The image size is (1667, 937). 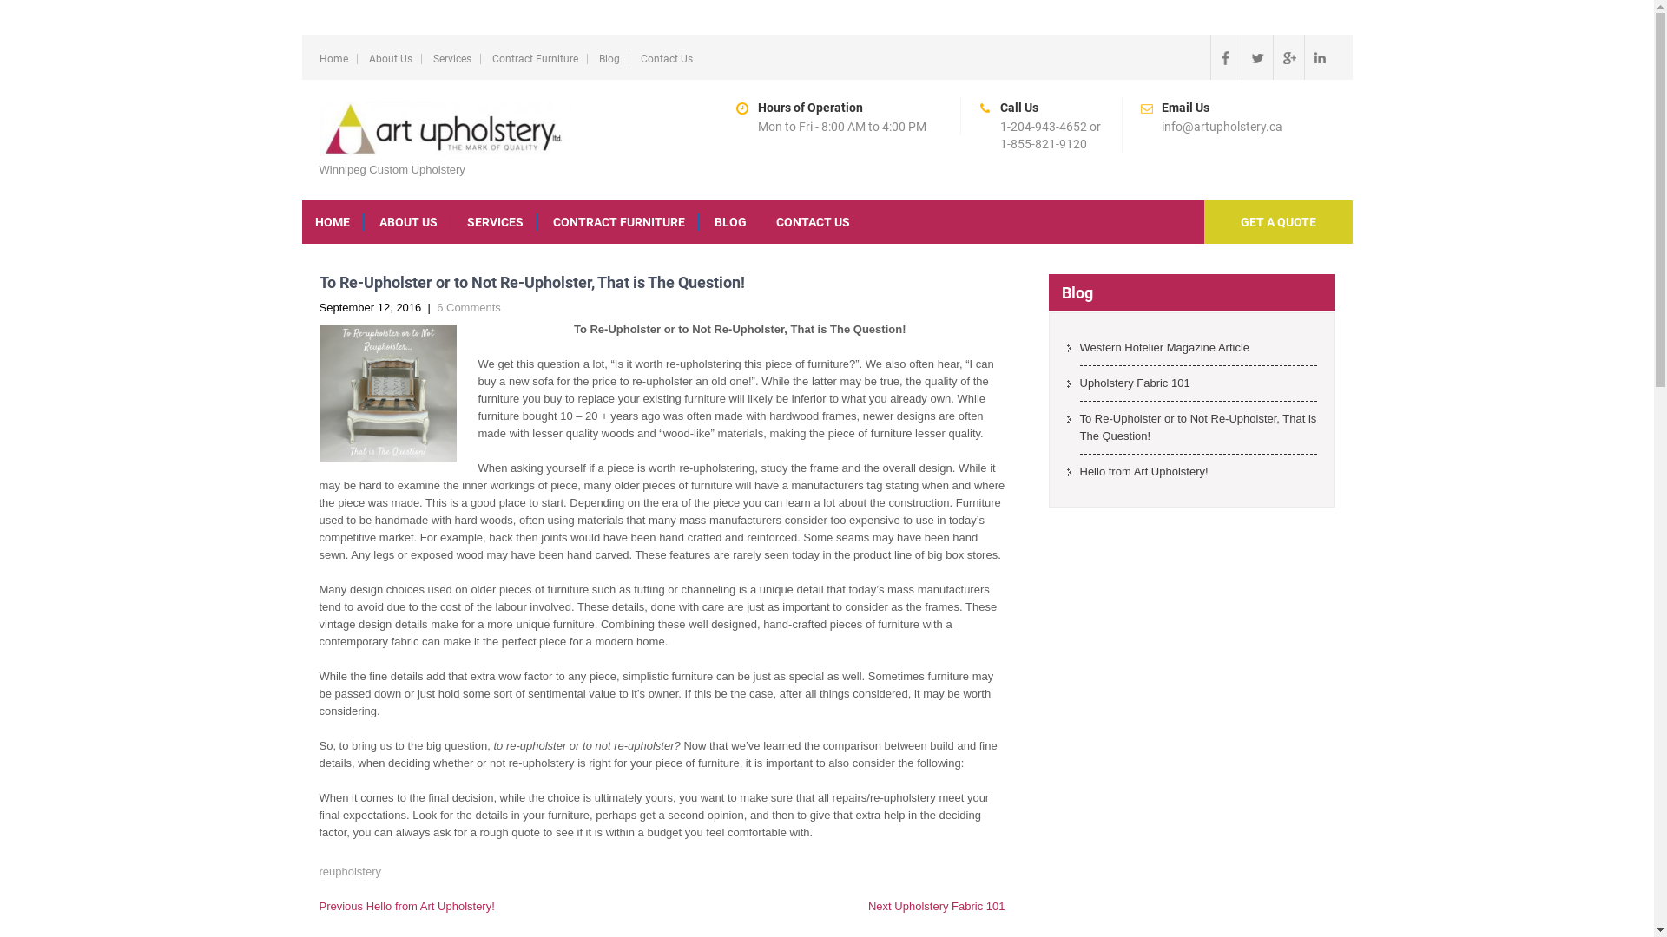 What do you see at coordinates (1224, 56) in the screenshot?
I see `'facebook'` at bounding box center [1224, 56].